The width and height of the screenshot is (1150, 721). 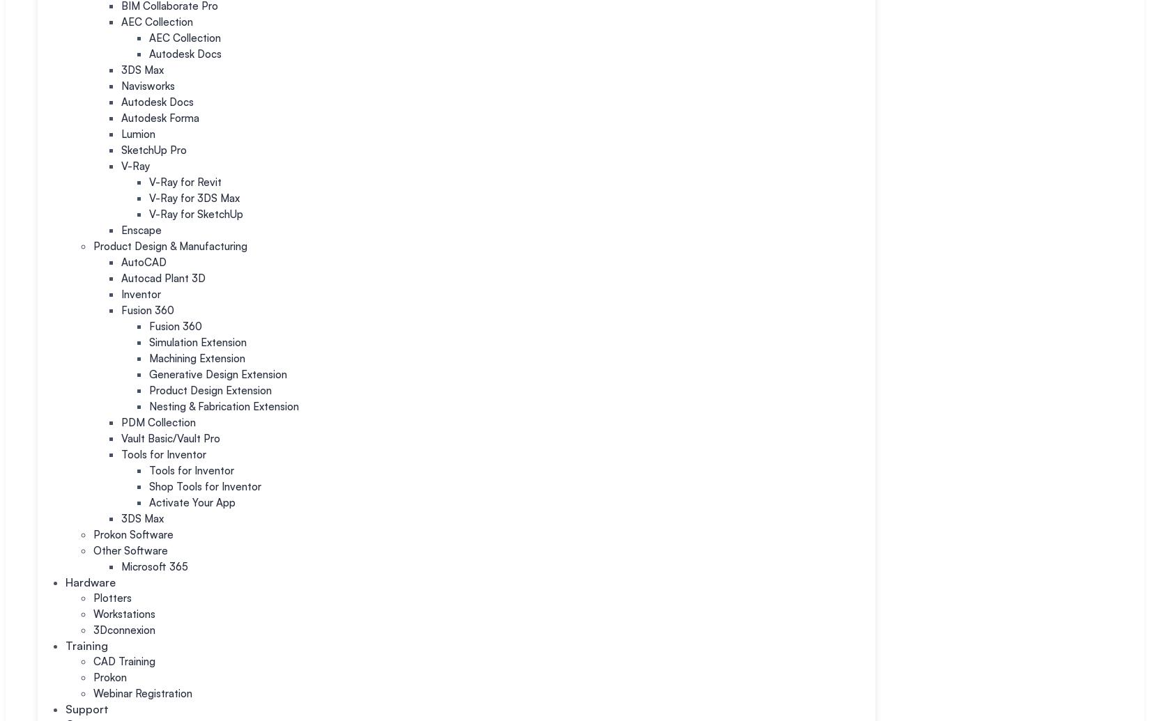 I want to click on 'Inventor', so click(x=141, y=294).